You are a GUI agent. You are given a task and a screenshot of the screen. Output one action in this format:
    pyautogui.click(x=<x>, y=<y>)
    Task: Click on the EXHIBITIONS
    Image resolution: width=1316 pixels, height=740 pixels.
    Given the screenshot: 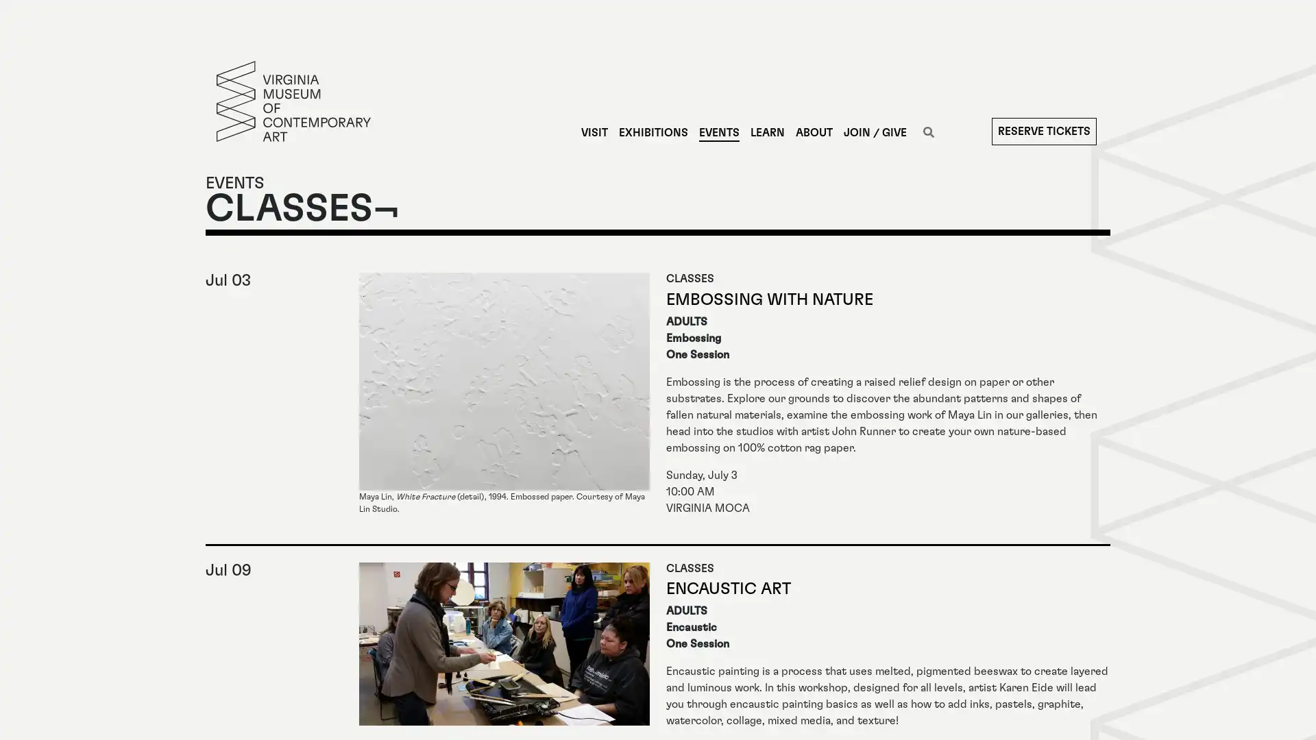 What is the action you would take?
    pyautogui.click(x=652, y=132)
    